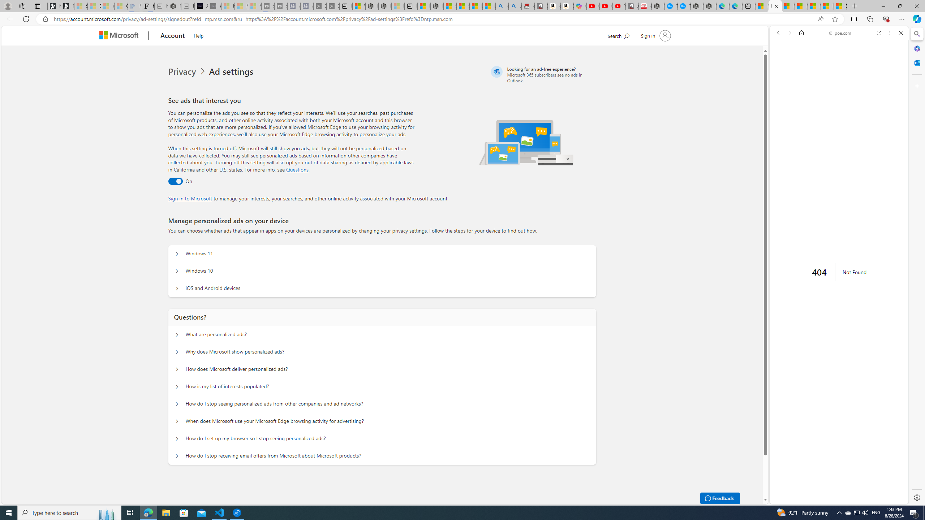 This screenshot has width=925, height=520. I want to click on 'Forward', so click(789, 32).